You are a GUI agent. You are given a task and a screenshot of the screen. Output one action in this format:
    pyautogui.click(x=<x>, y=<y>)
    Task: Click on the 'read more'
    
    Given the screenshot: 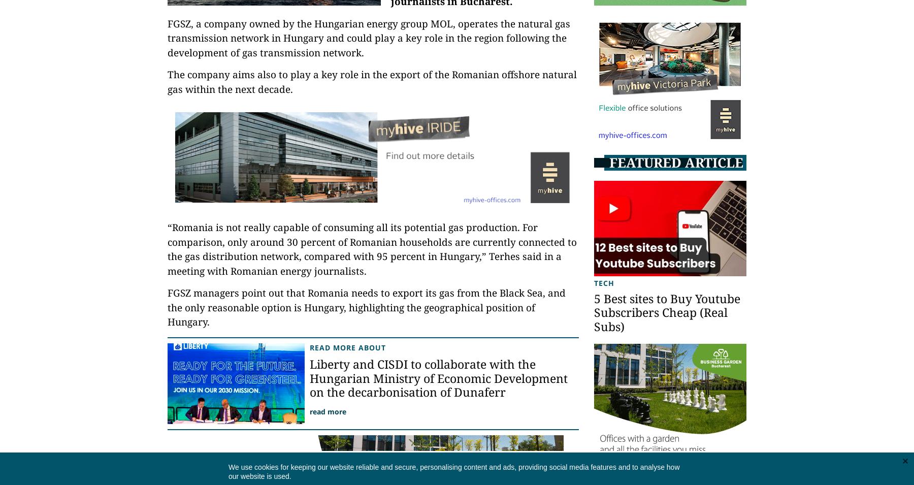 What is the action you would take?
    pyautogui.click(x=309, y=411)
    